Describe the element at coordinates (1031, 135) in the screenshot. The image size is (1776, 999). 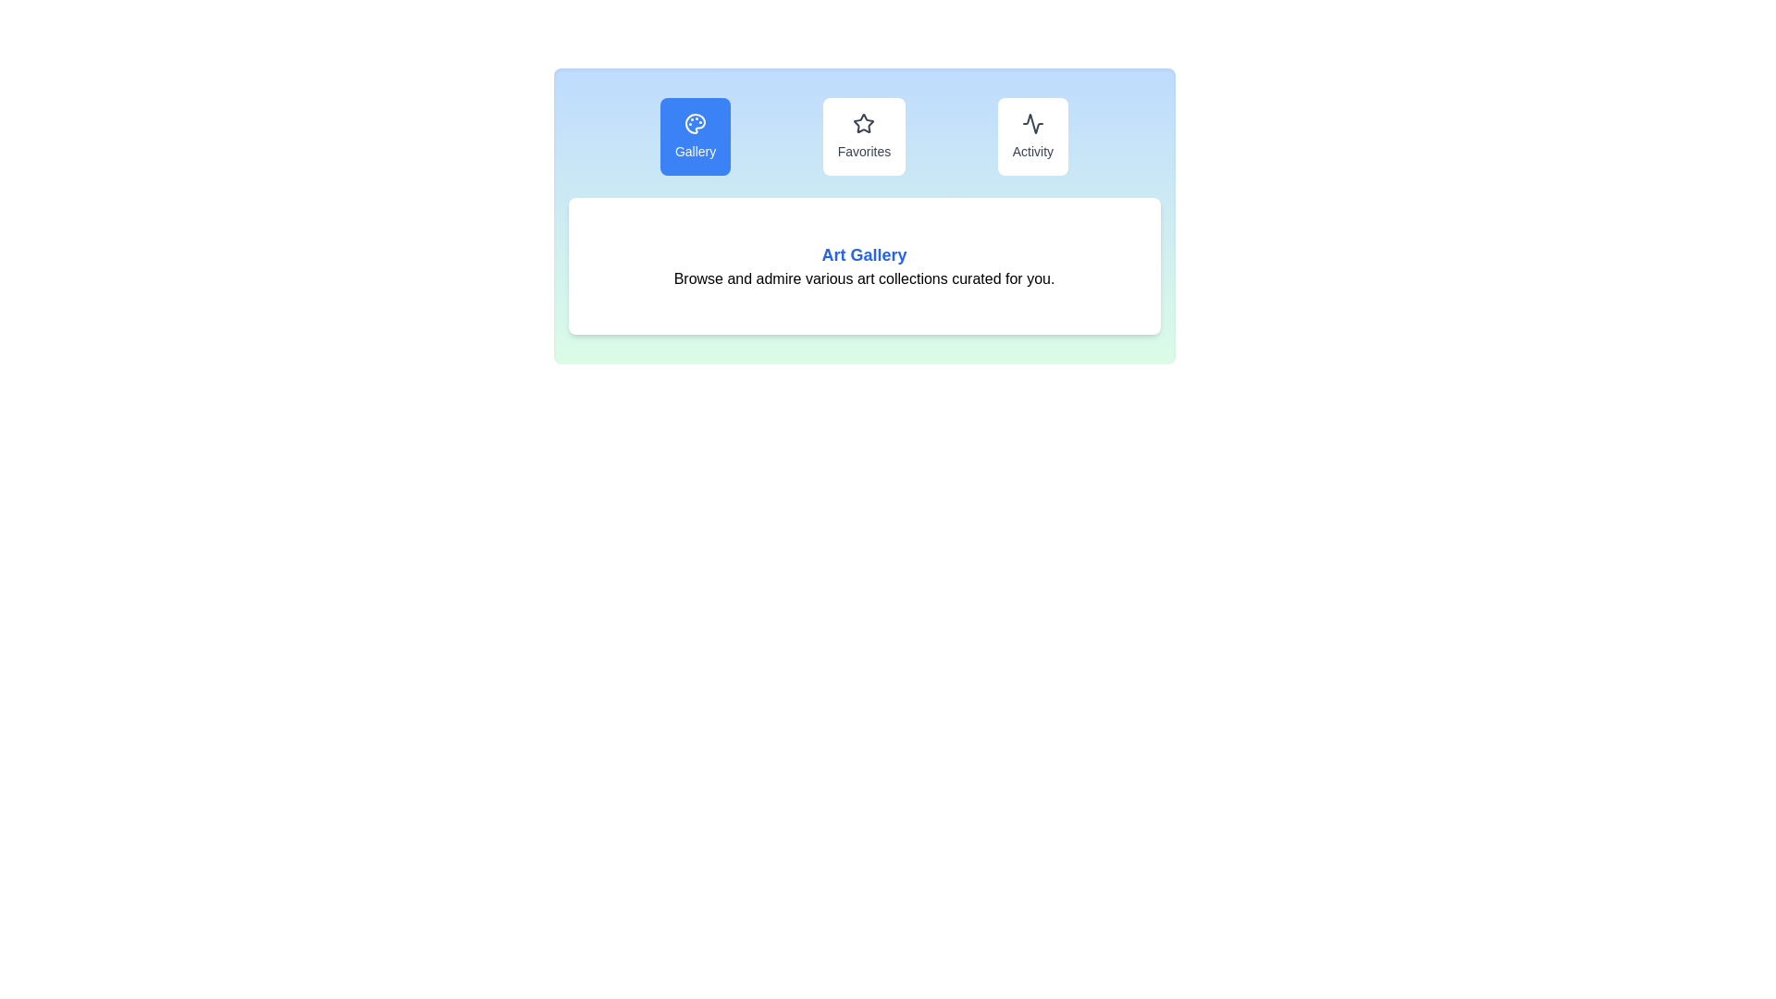
I see `the interactive button labeled Activity` at that location.